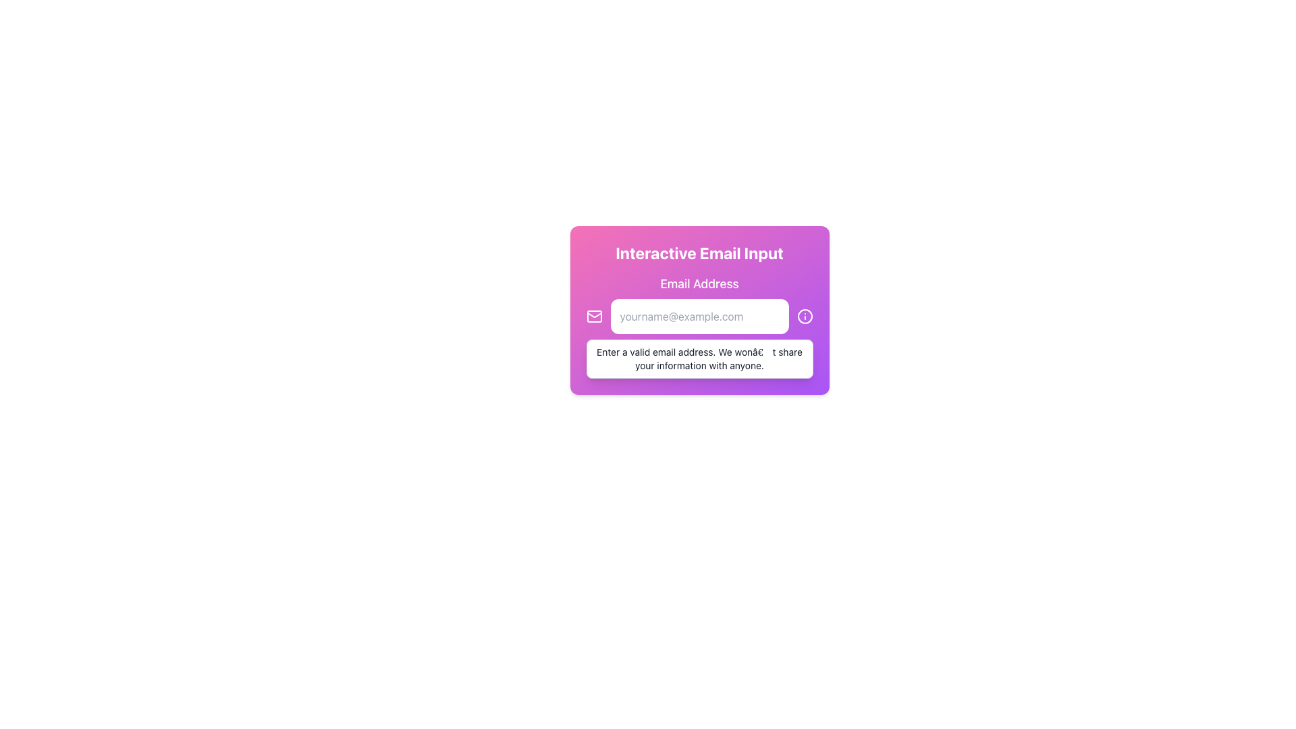  What do you see at coordinates (699, 252) in the screenshot?
I see `the header text element that provides context about the section, positioned directly above the 'Email Address' label within a rounded rectangular section` at bounding box center [699, 252].